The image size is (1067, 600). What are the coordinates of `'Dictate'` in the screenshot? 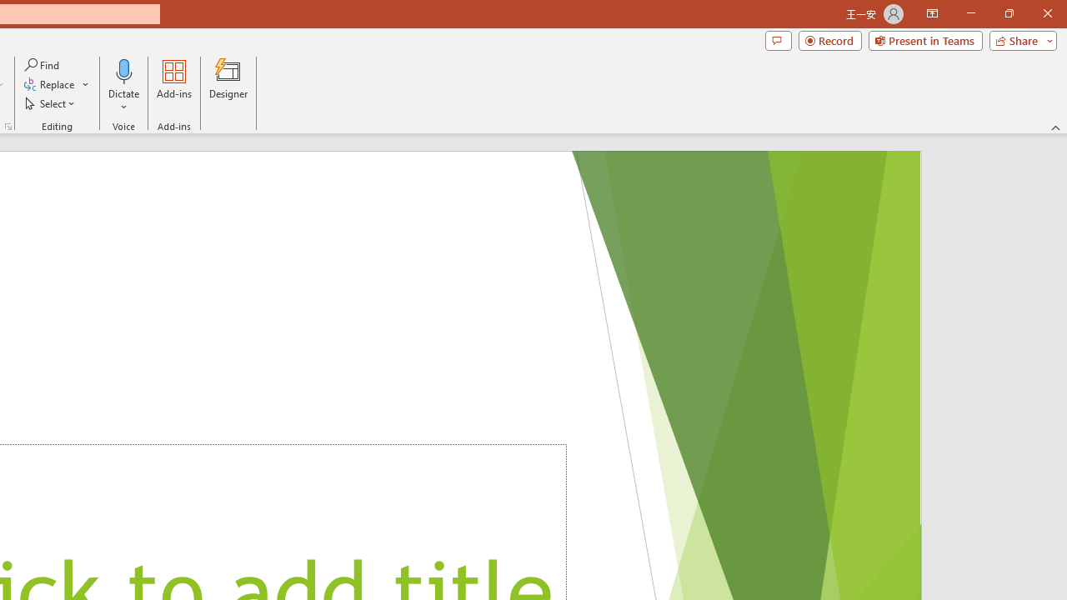 It's located at (123, 70).